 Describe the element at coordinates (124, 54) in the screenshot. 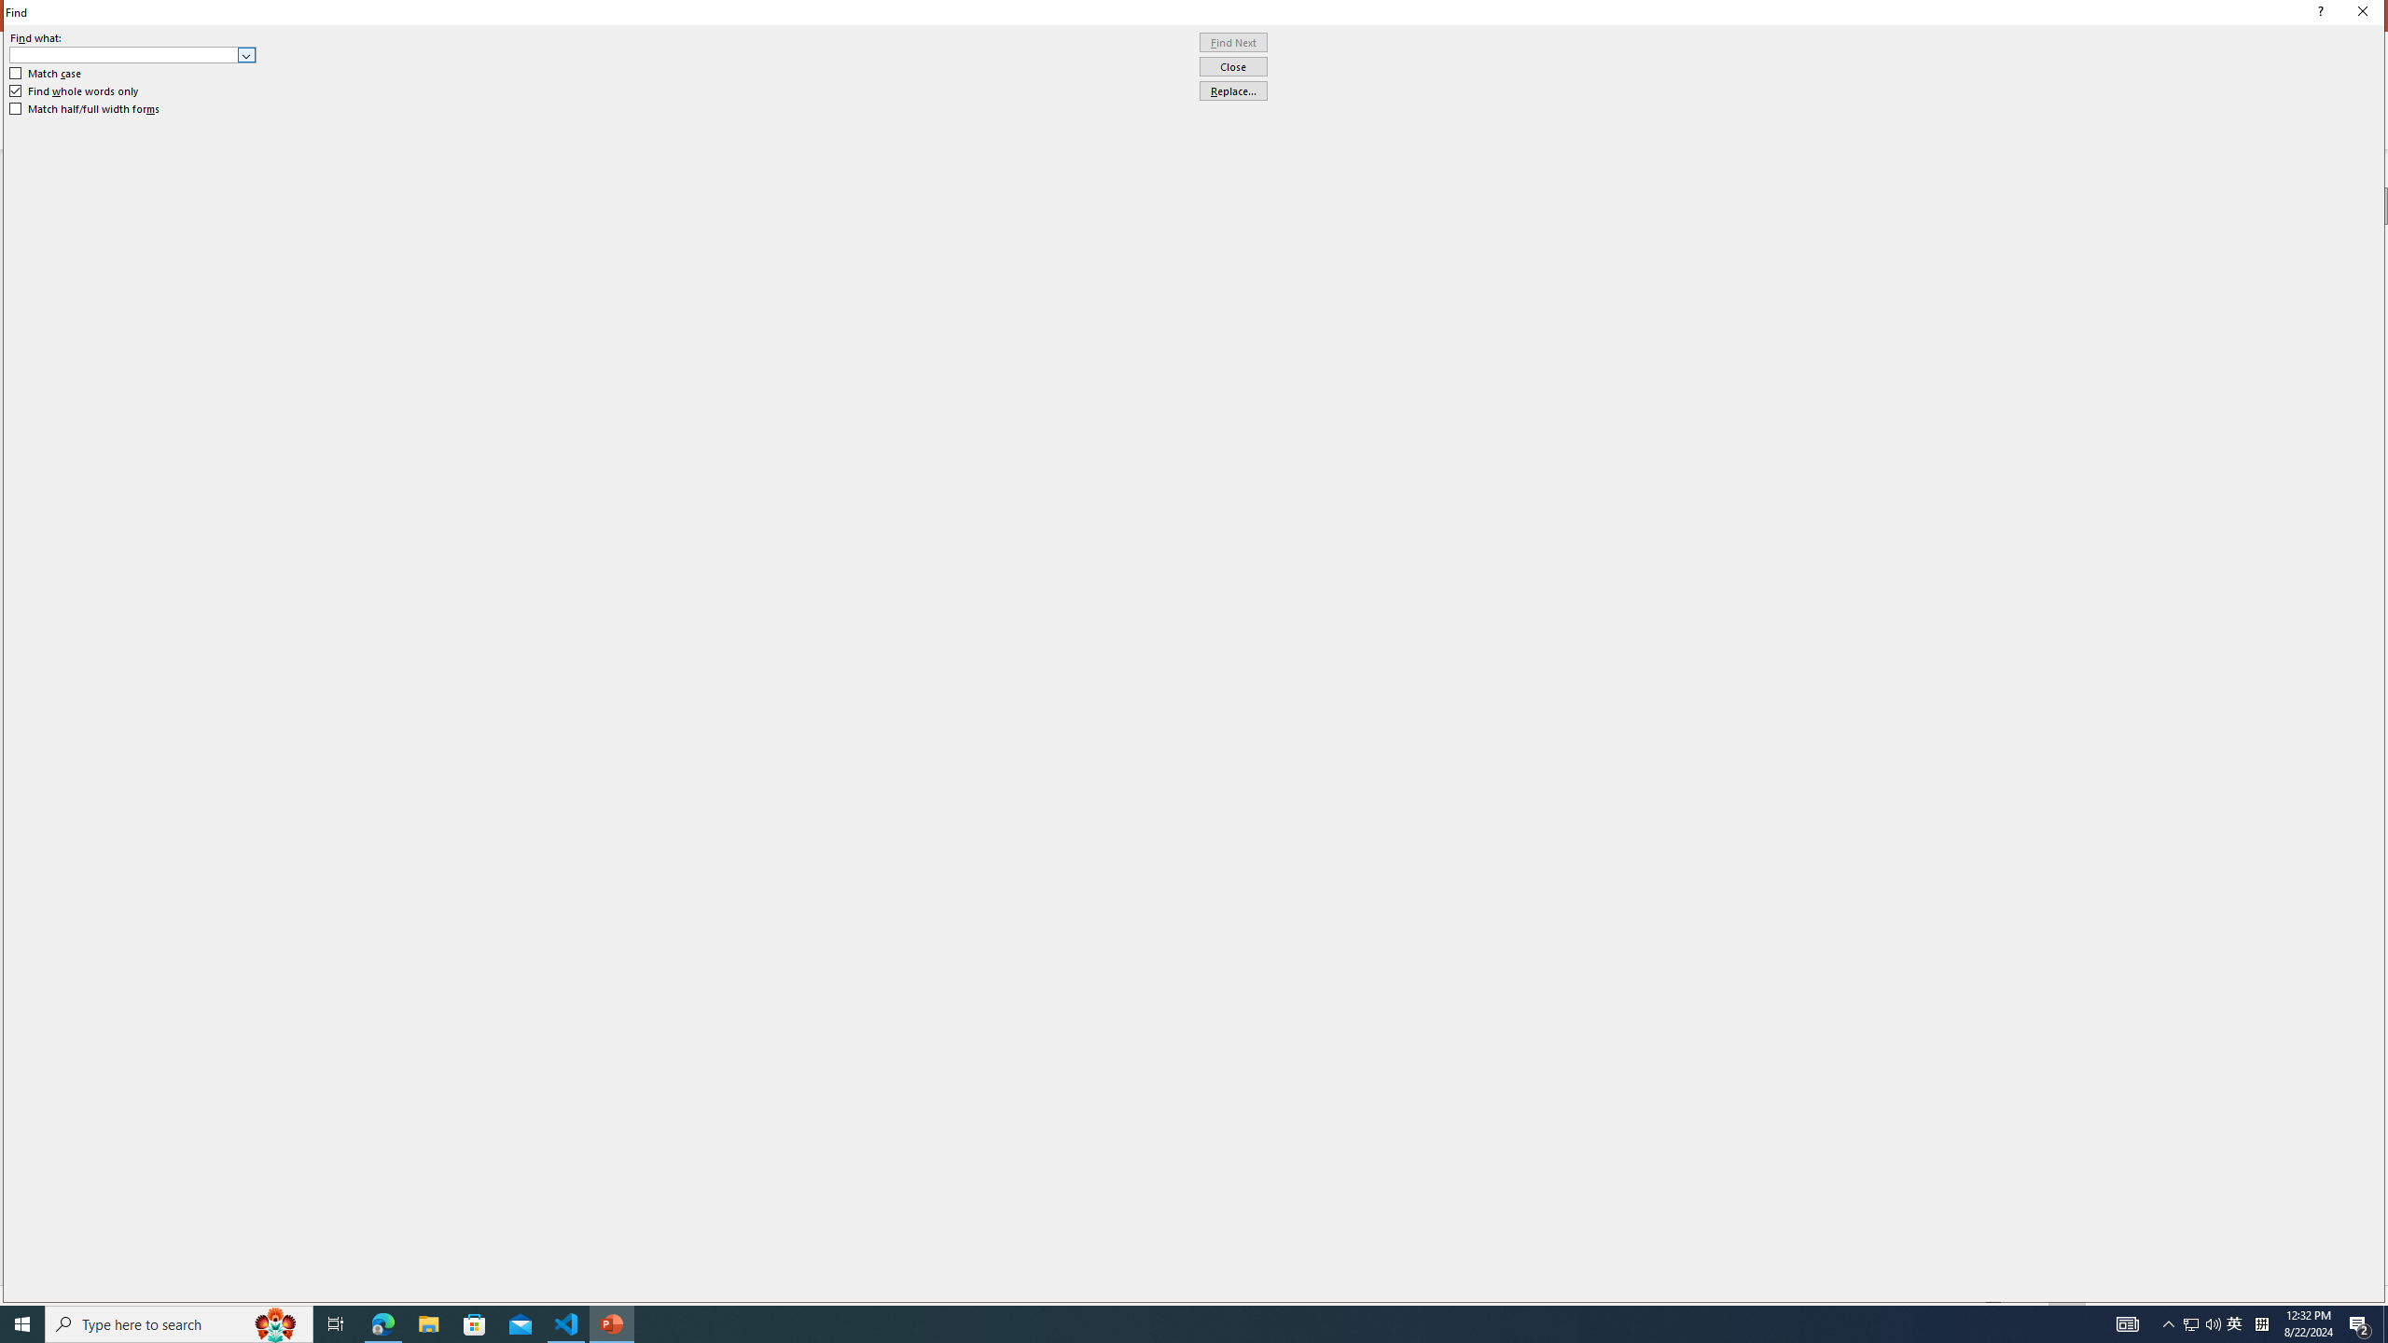

I see `'Find what'` at that location.